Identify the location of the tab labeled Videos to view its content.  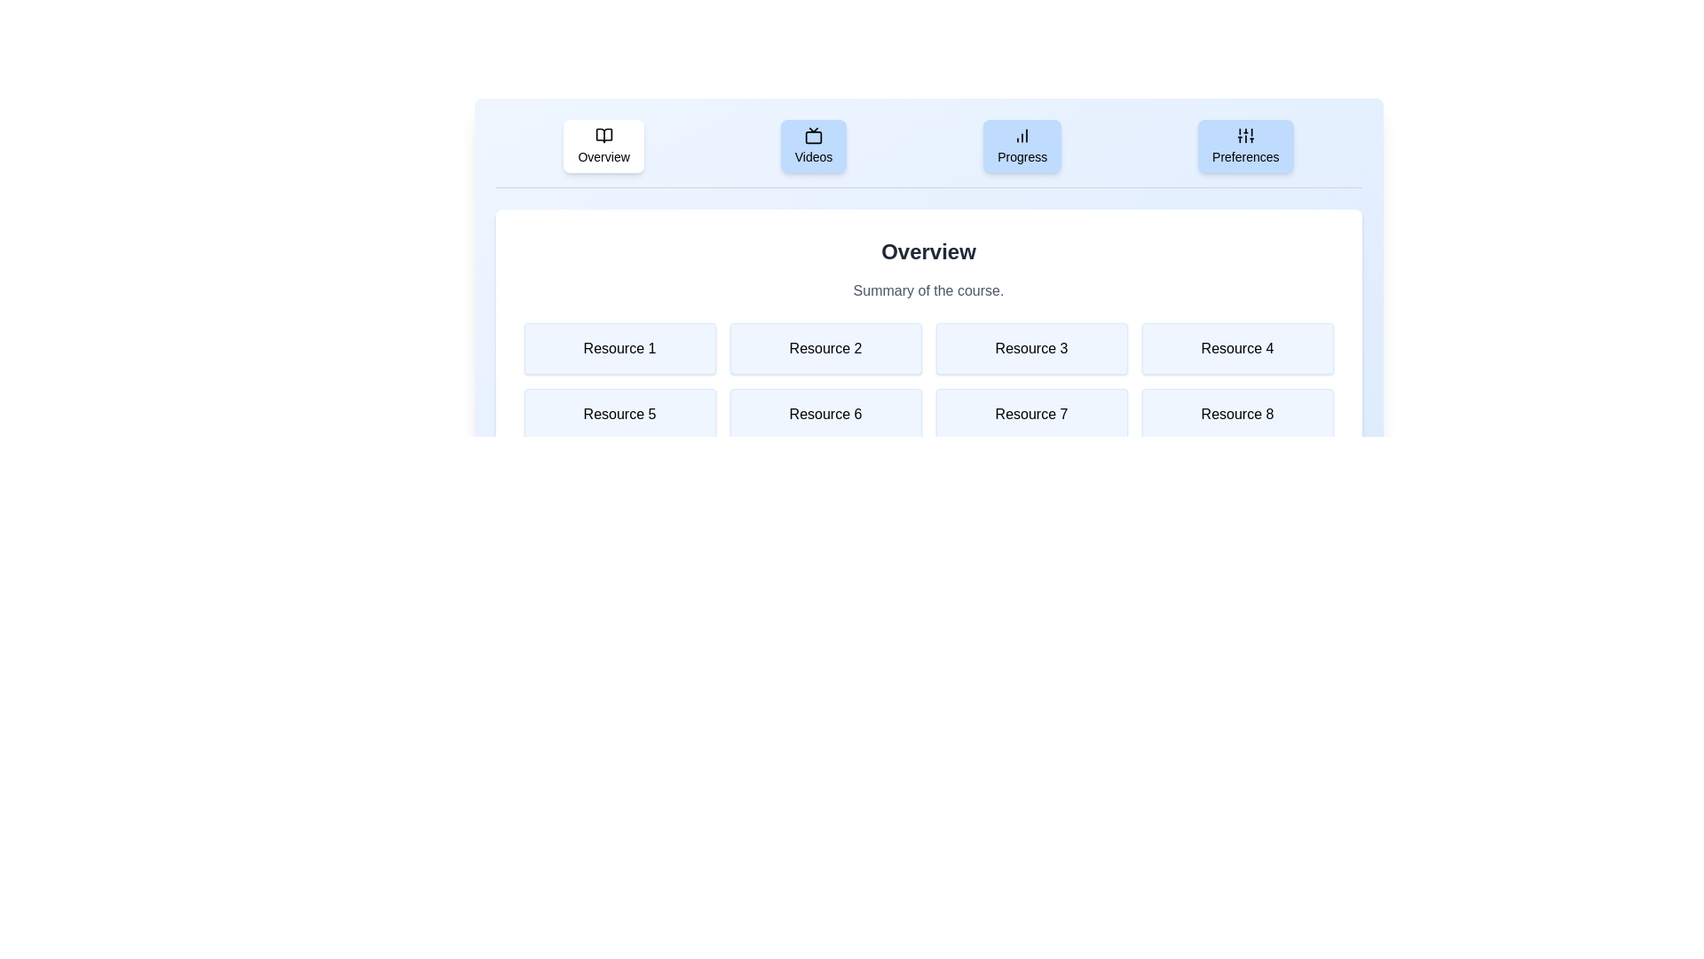
(812, 146).